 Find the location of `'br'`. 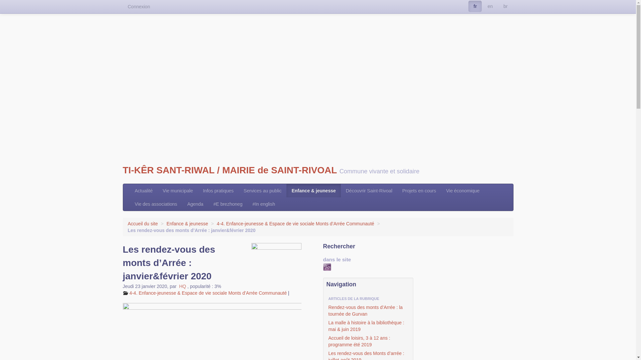

'br' is located at coordinates (498, 6).